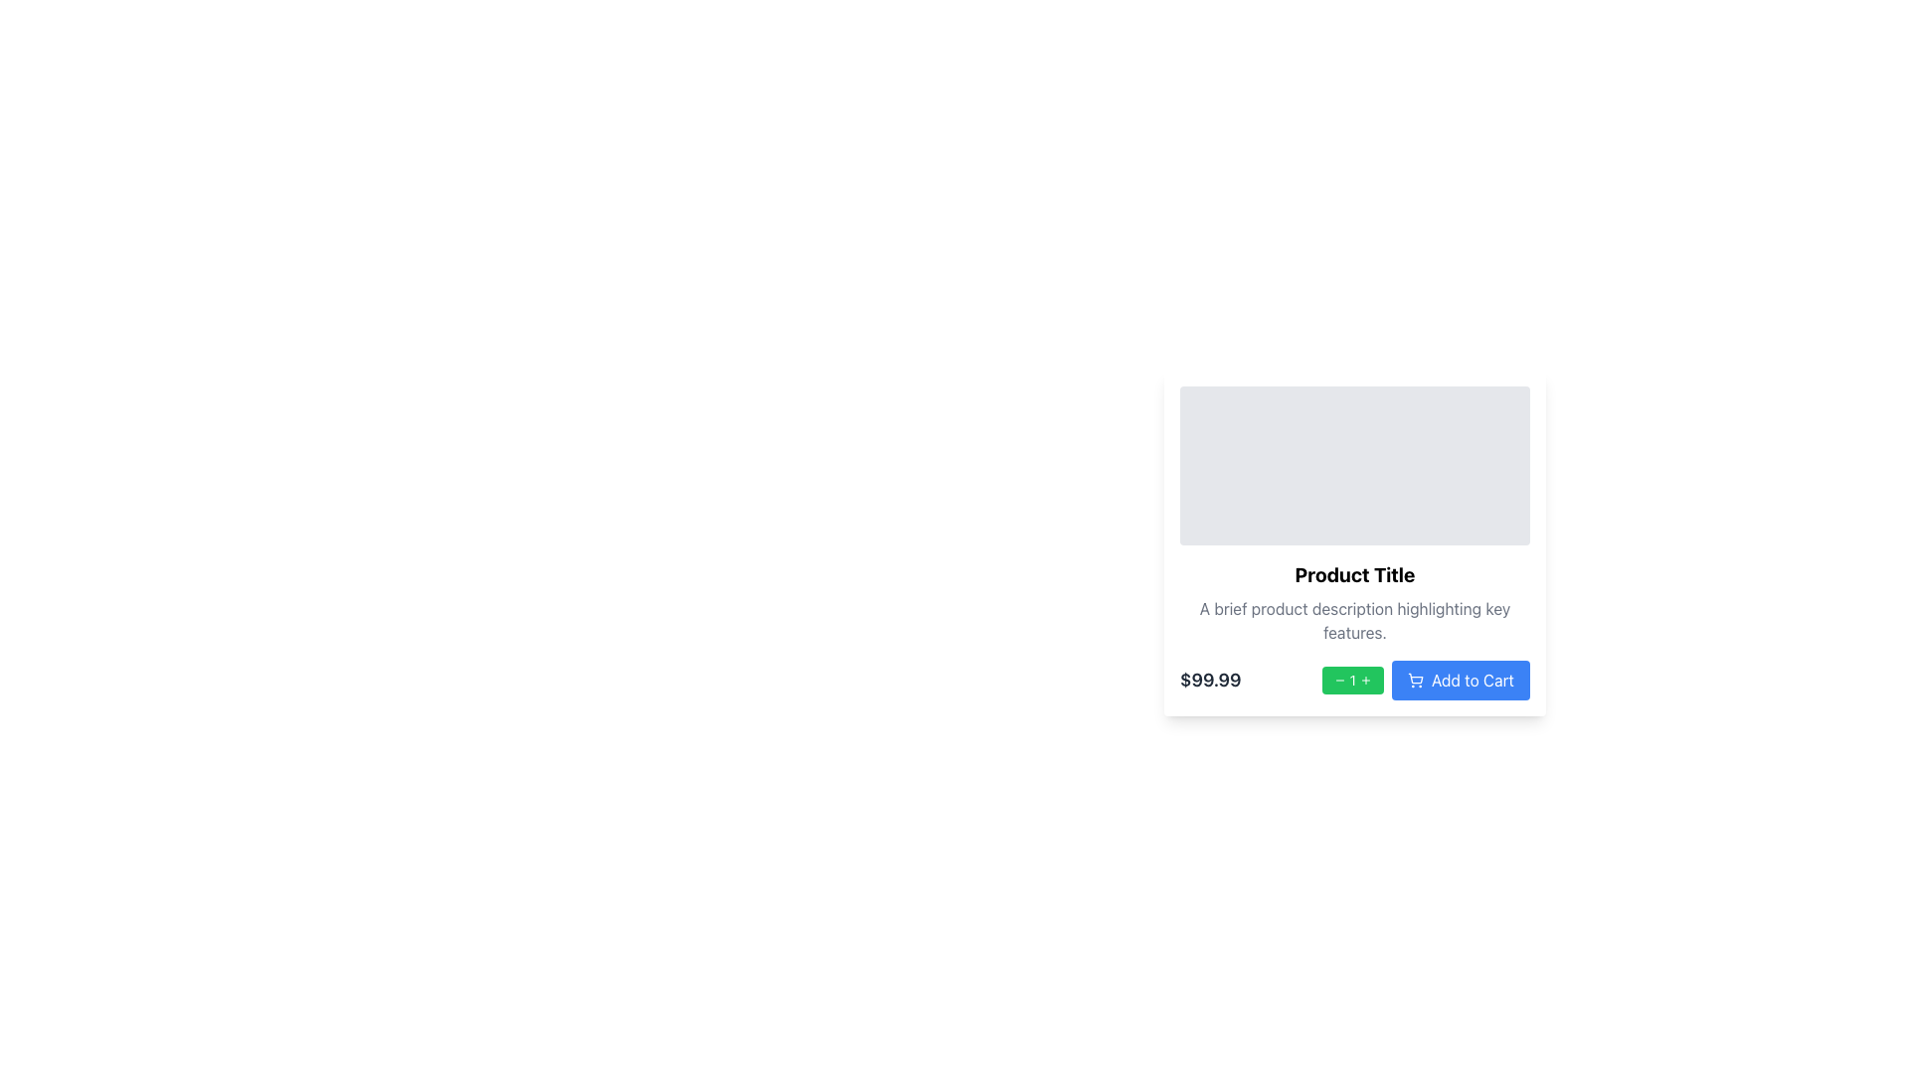 Image resolution: width=1909 pixels, height=1073 pixels. Describe the element at coordinates (1352, 680) in the screenshot. I see `the static text displaying the current numeric value within the numeric input field, which is flanked by minus and plus symbols, located next to the price and 'Add to Cart' button` at that location.